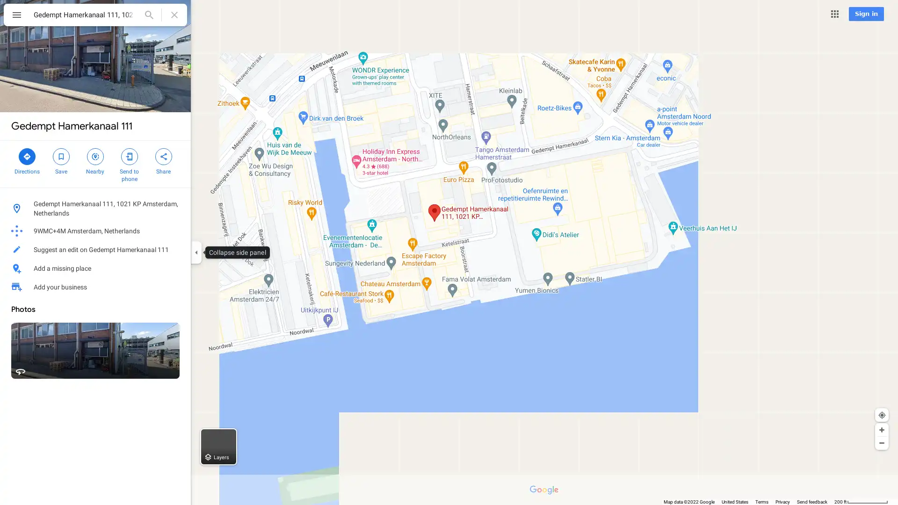  I want to click on Learn more about plus codes, so click(179, 231).